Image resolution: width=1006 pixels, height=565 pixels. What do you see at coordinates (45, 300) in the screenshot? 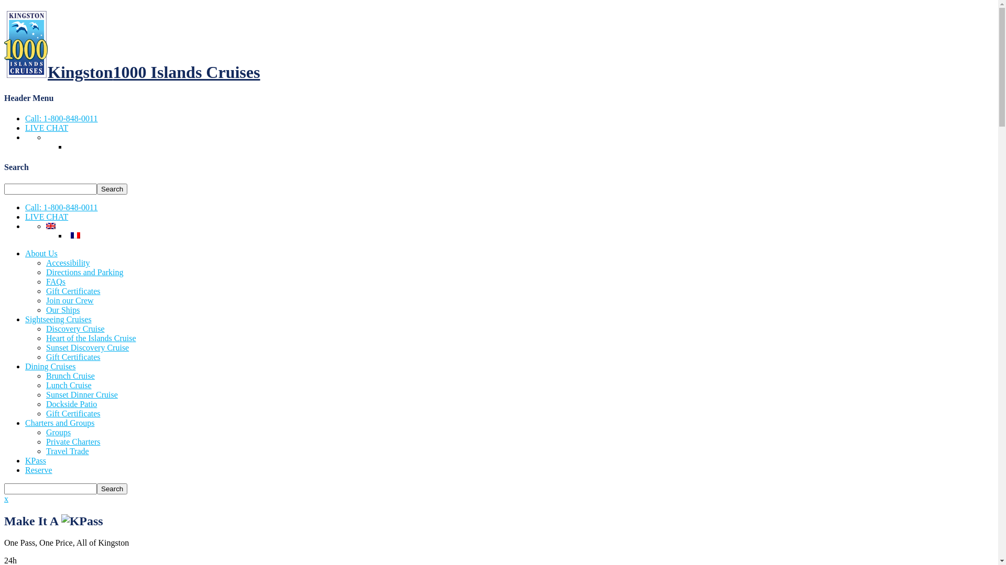
I see `'Join our Crew'` at bounding box center [45, 300].